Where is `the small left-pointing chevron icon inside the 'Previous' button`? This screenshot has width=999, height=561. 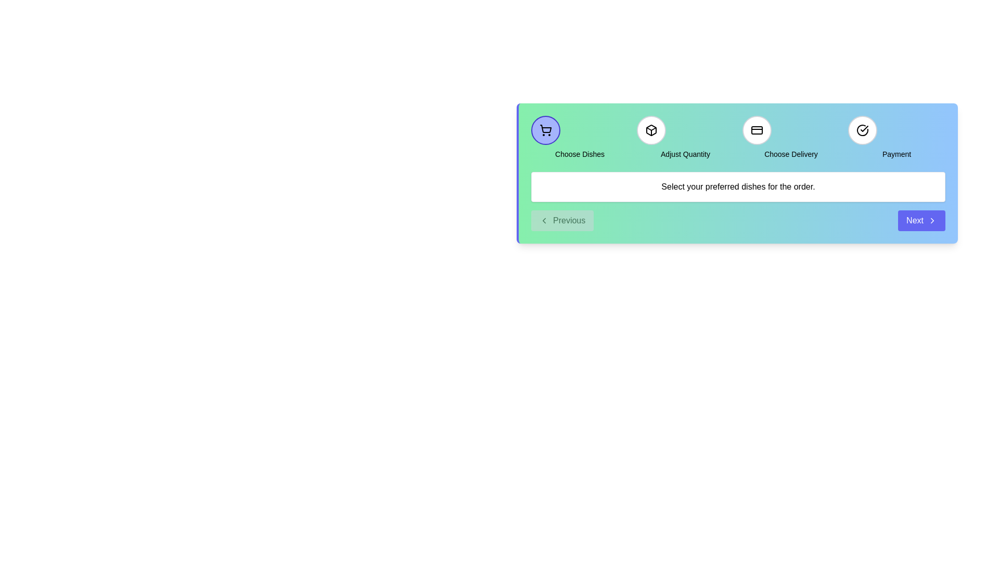
the small left-pointing chevron icon inside the 'Previous' button is located at coordinates (544, 220).